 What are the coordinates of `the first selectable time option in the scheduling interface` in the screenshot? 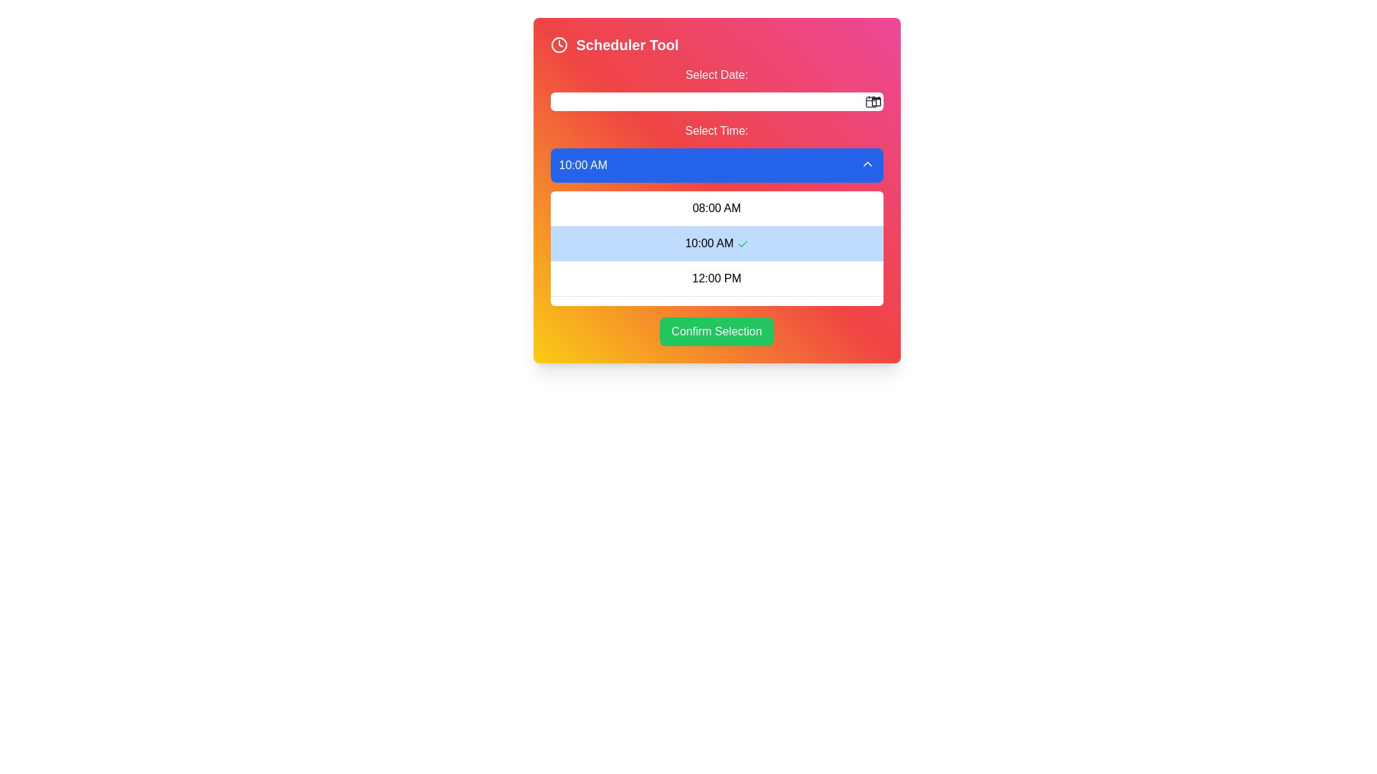 It's located at (716, 208).